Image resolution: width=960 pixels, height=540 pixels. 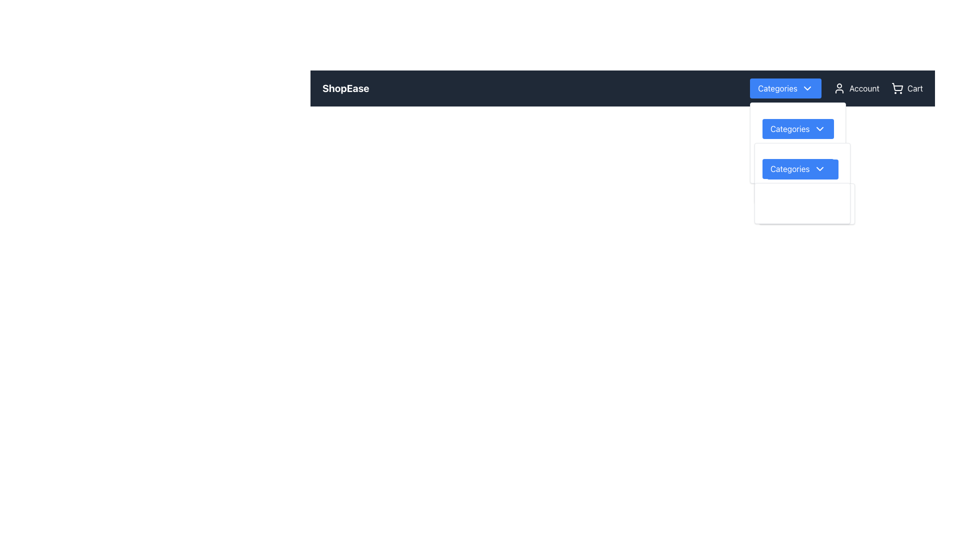 What do you see at coordinates (797, 122) in the screenshot?
I see `the first visible item in the 'Categories' dropdown menu` at bounding box center [797, 122].